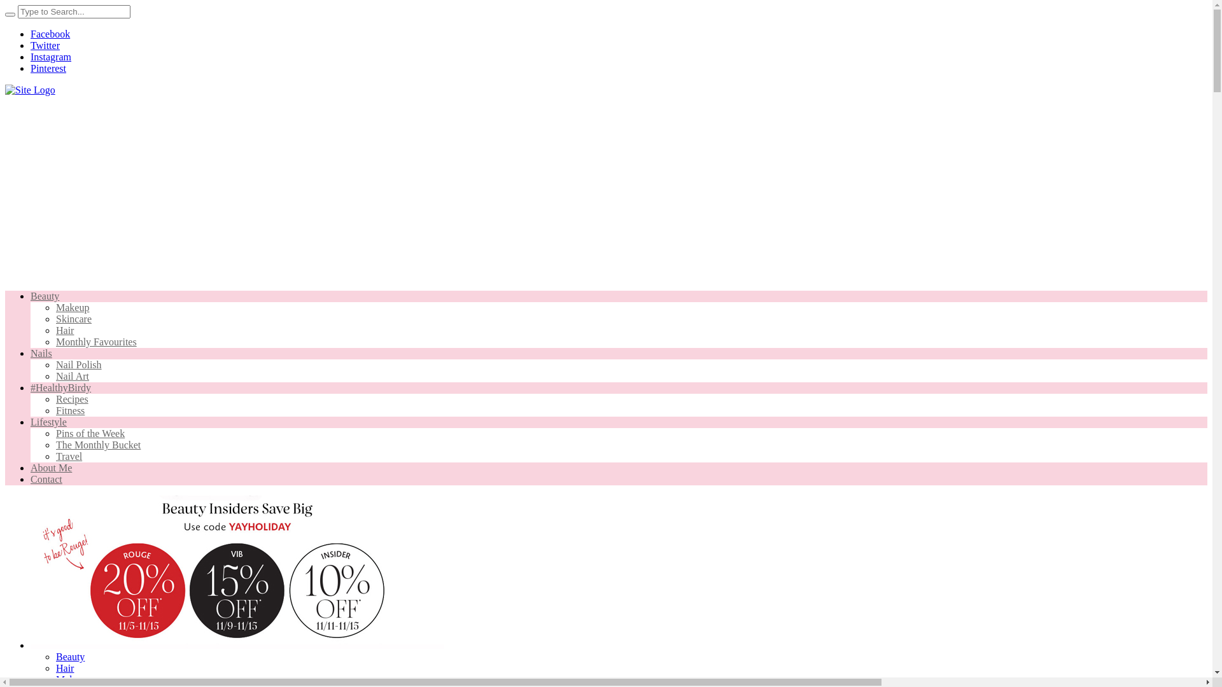 This screenshot has width=1222, height=687. What do you see at coordinates (45, 45) in the screenshot?
I see `'Twitter'` at bounding box center [45, 45].